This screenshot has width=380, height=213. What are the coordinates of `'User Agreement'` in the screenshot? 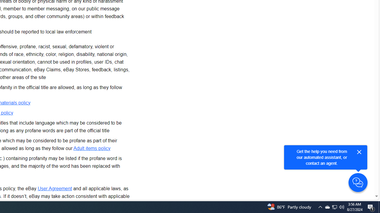 It's located at (55, 188).